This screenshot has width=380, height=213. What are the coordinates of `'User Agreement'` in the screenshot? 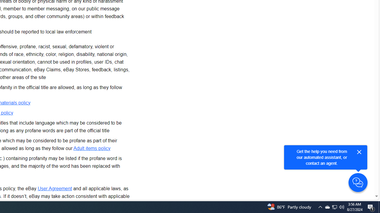 It's located at (55, 188).